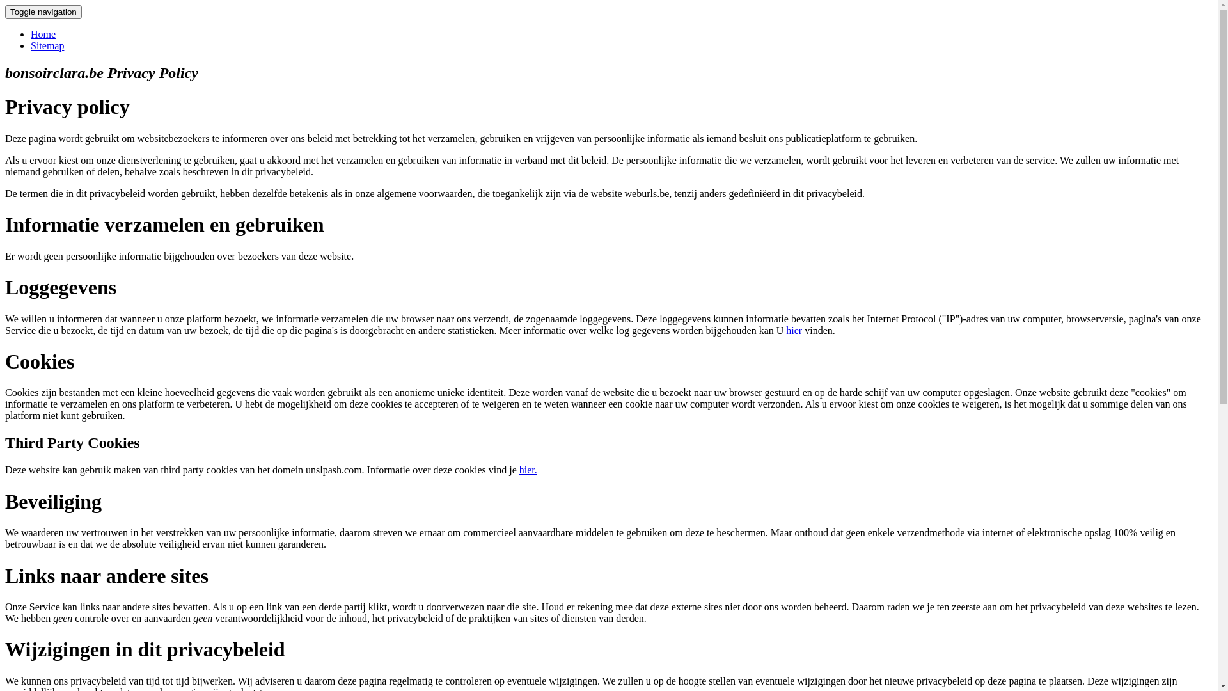  I want to click on 'hier', so click(793, 330).